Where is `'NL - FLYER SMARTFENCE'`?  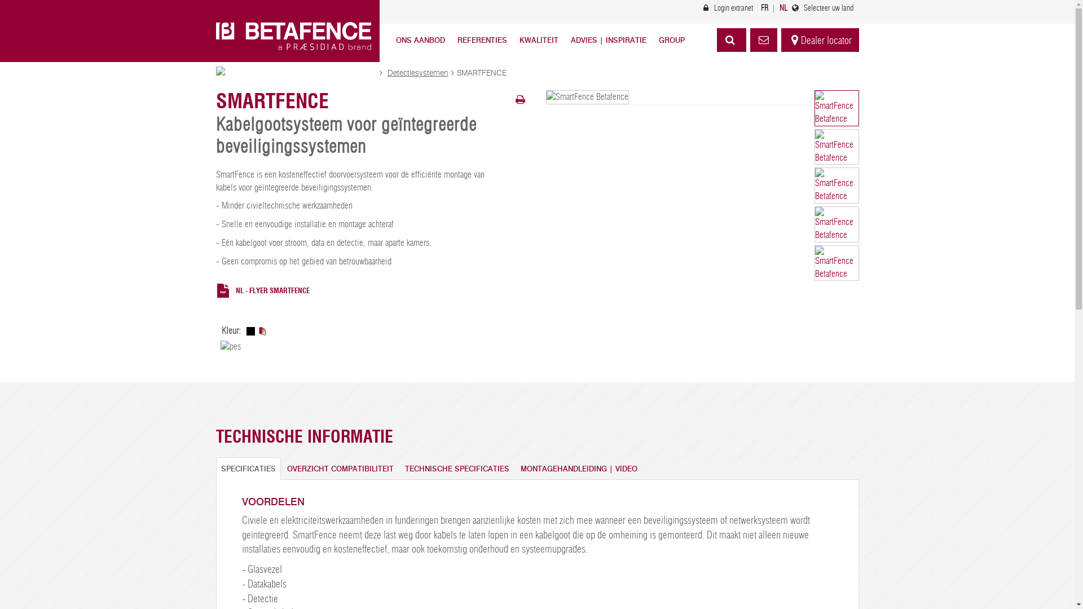
'NL - FLYER SMARTFENCE' is located at coordinates (215, 290).